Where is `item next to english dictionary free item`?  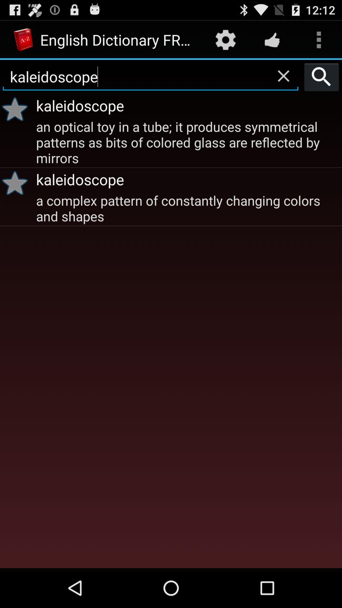 item next to english dictionary free item is located at coordinates (225, 39).